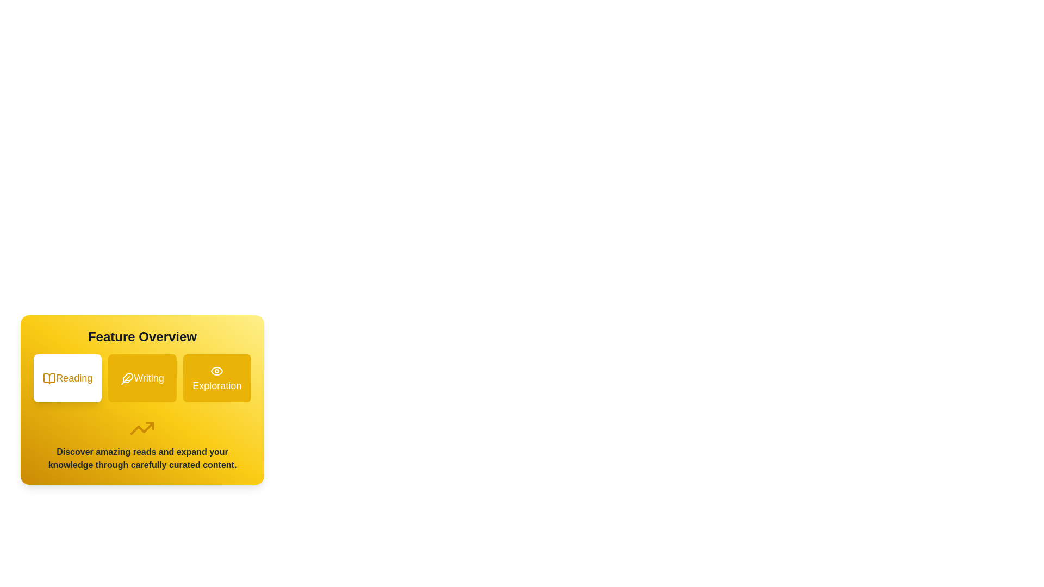 The height and width of the screenshot is (587, 1044). What do you see at coordinates (142, 400) in the screenshot?
I see `the highlighted 'Writing' button within the 'Feature Overview' section` at bounding box center [142, 400].